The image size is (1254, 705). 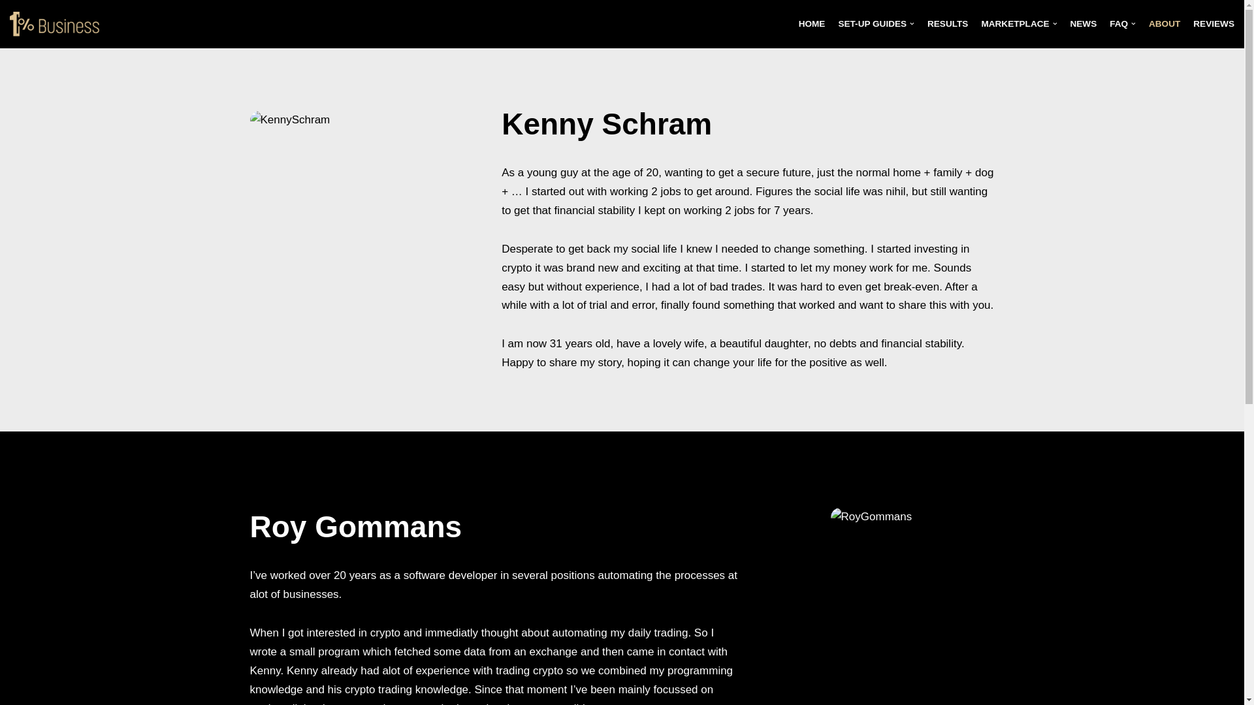 I want to click on 'REVIEWS', so click(x=1213, y=23).